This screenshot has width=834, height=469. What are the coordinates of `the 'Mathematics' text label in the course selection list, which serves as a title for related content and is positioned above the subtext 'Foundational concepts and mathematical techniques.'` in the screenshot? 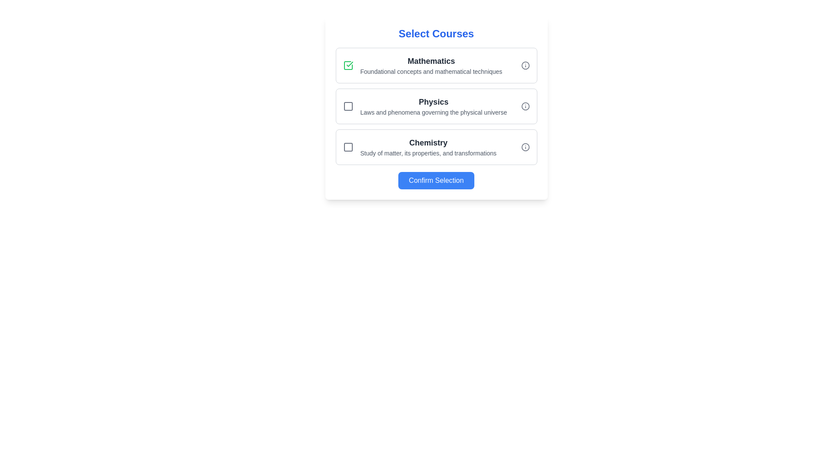 It's located at (431, 61).